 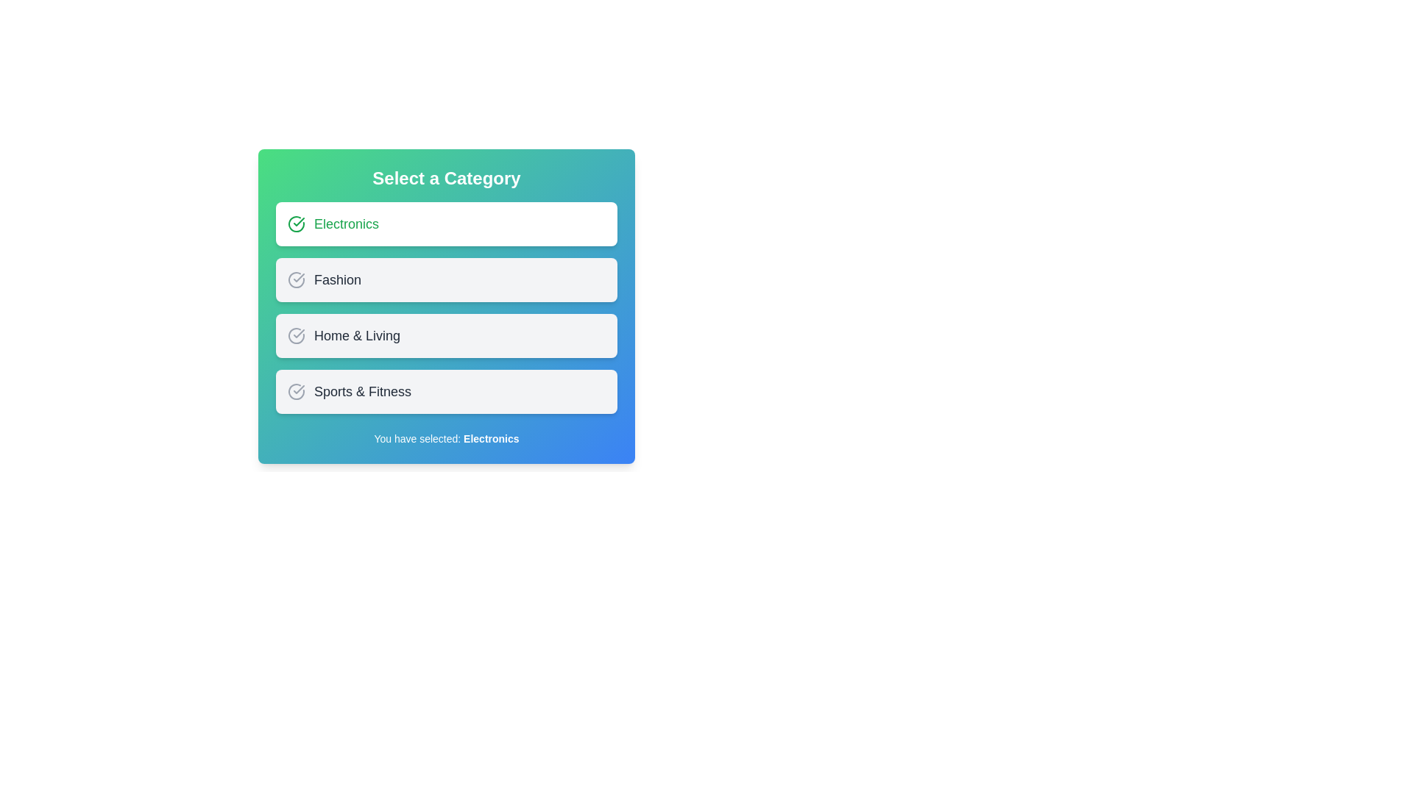 I want to click on the 'Electronics' category icon that visually indicates the active selection in the category options list, so click(x=296, y=223).